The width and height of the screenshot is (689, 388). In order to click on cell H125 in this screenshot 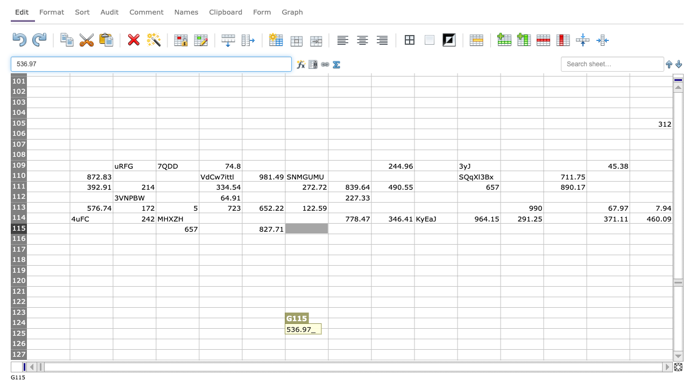, I will do `click(349, 333)`.